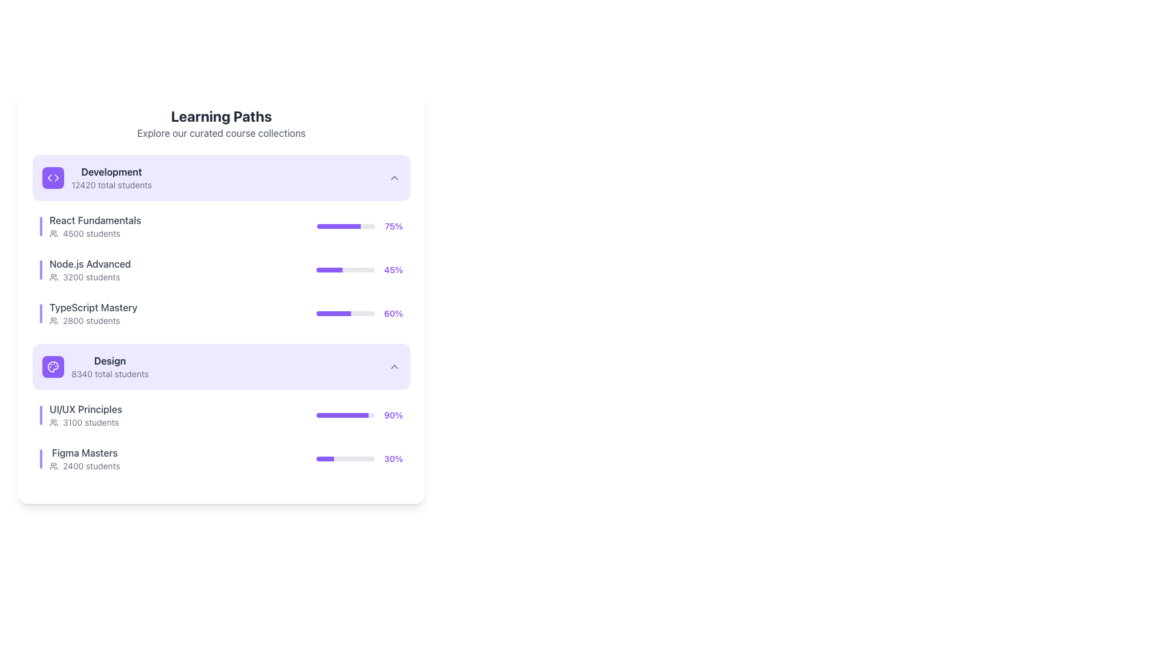 Image resolution: width=1162 pixels, height=654 pixels. What do you see at coordinates (84, 453) in the screenshot?
I see `the 'Figma Masters' hyperlink text` at bounding box center [84, 453].